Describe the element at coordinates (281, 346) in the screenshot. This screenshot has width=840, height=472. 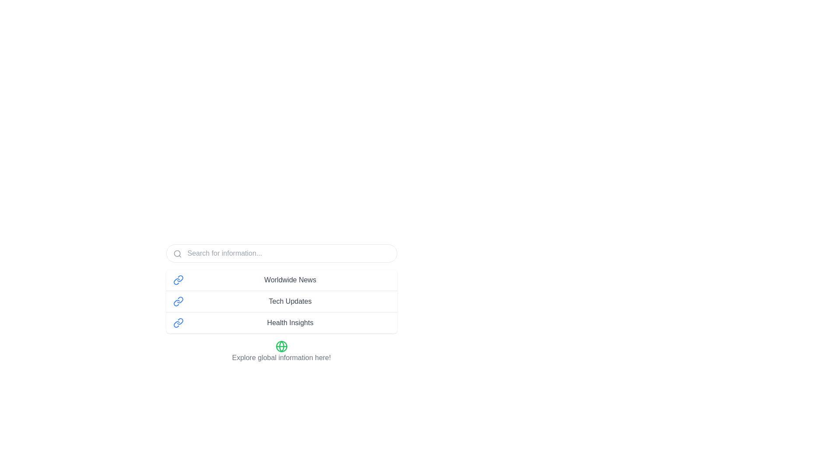
I see `the central circle of the globe icon, which emphasizes its representation as a symbol of global information` at that location.